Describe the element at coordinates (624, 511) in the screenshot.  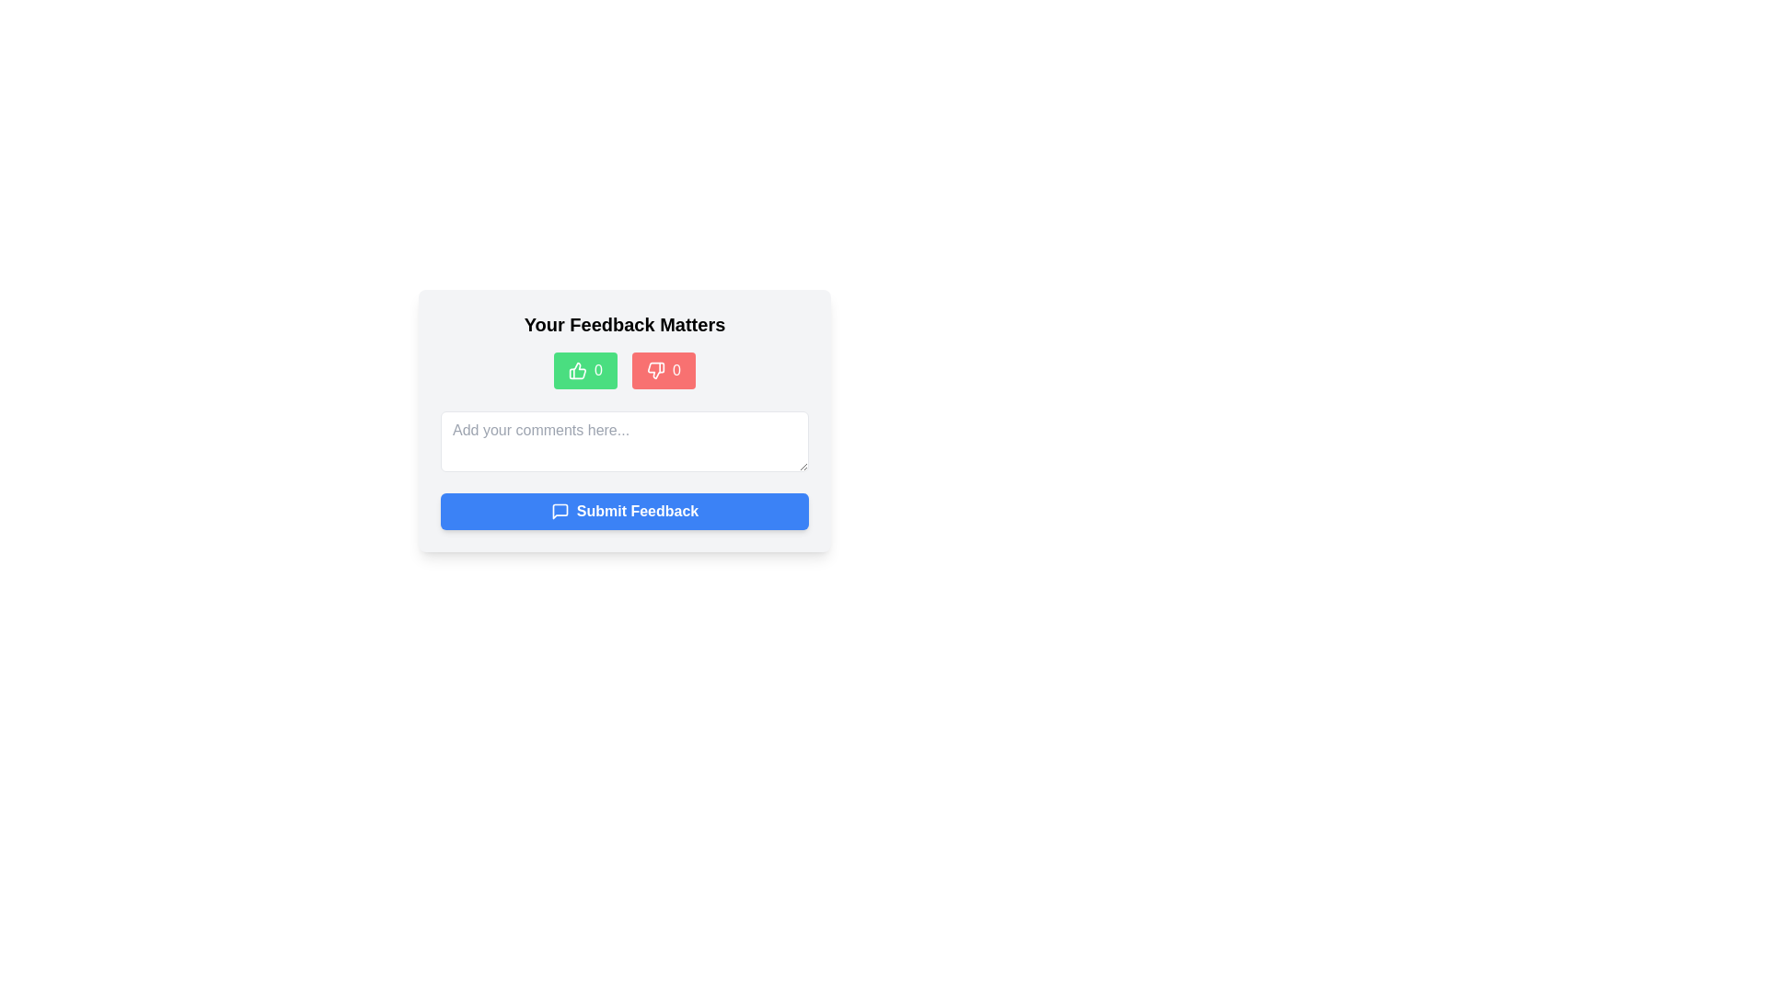
I see `the blue rectangular button labeled 'Submit Feedback' with a white speech bubble icon for keyboard interaction` at that location.